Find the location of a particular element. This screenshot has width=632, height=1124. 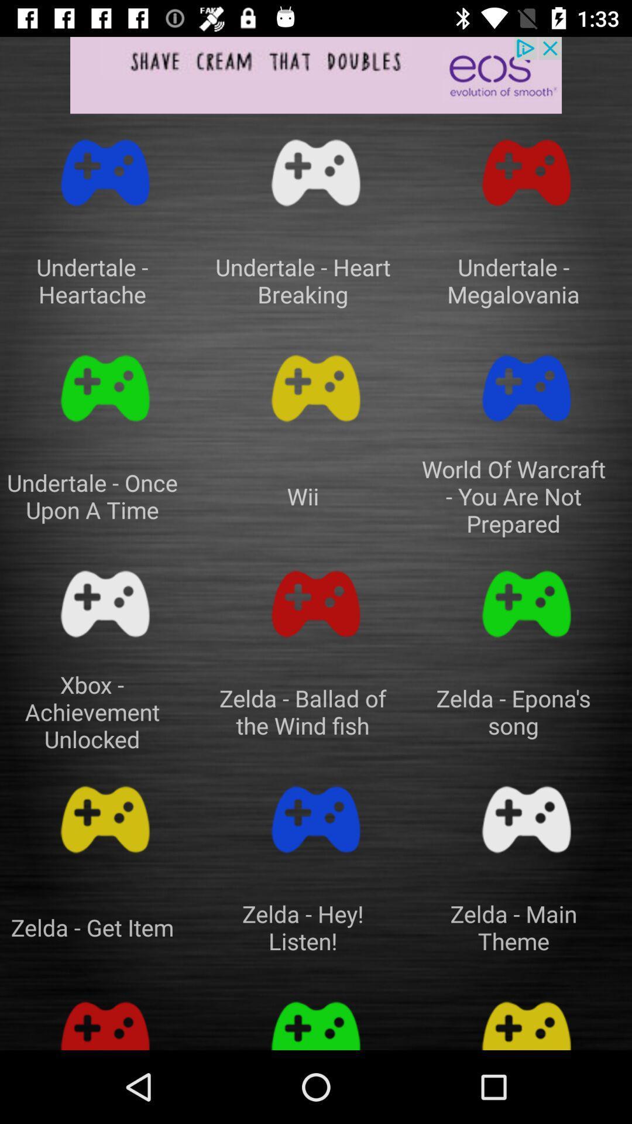

game is located at coordinates (316, 172).